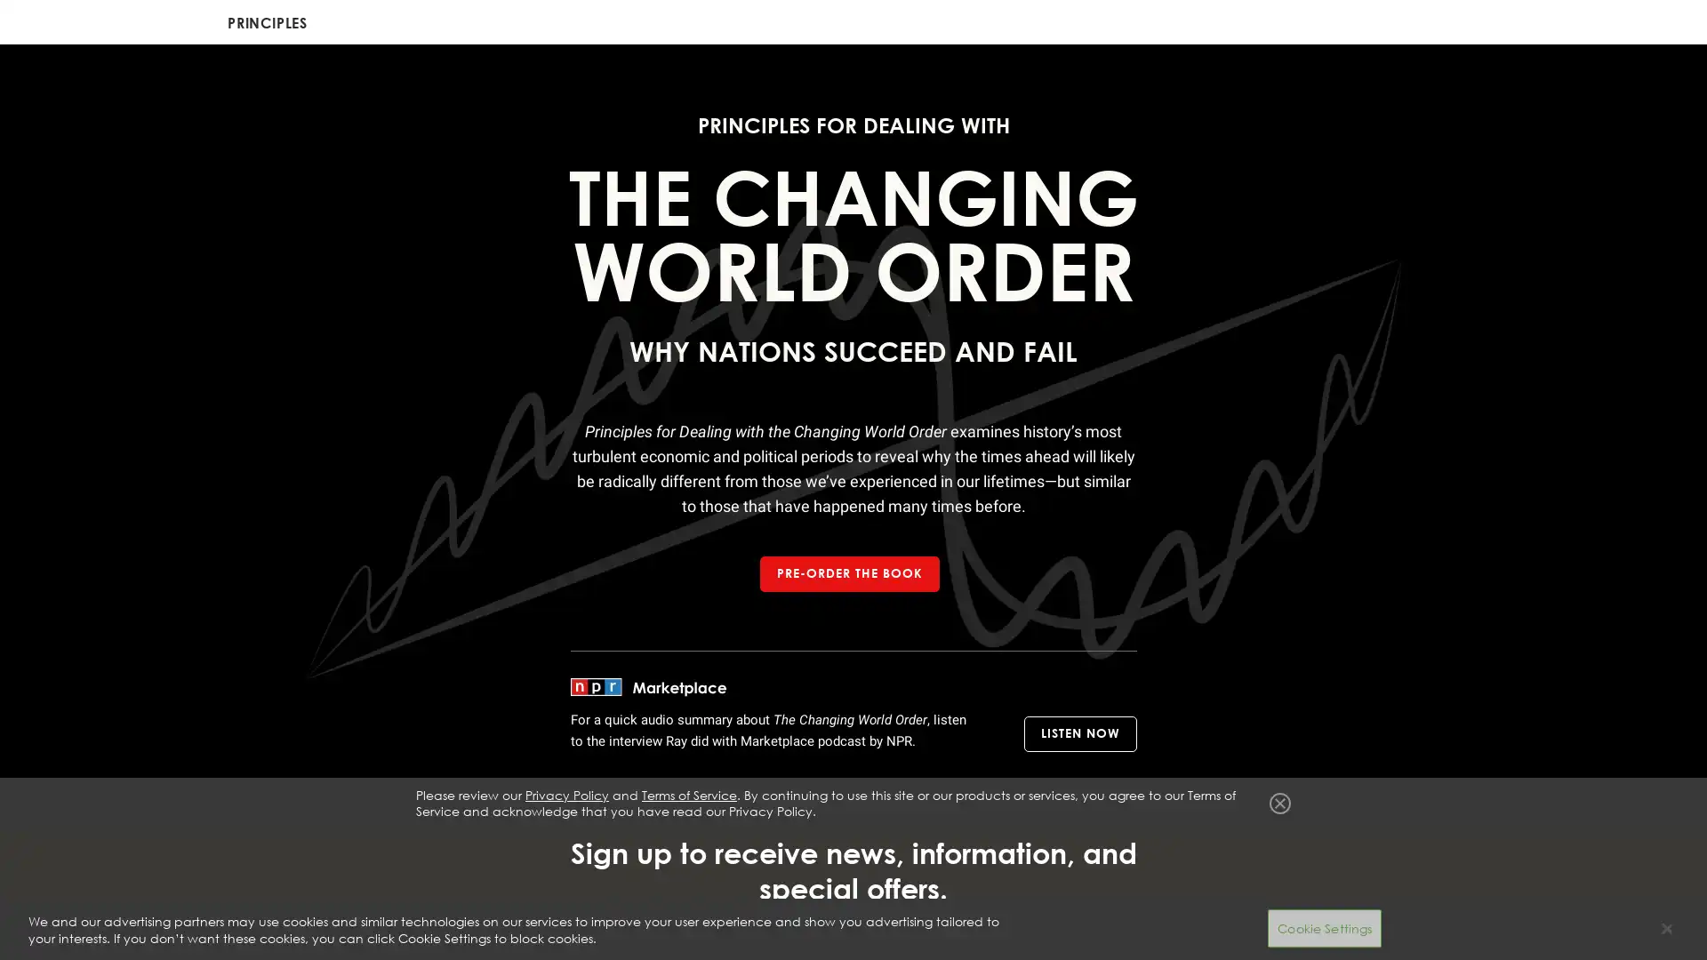 This screenshot has width=1707, height=960. I want to click on LISTEN NOW, so click(1078, 733).